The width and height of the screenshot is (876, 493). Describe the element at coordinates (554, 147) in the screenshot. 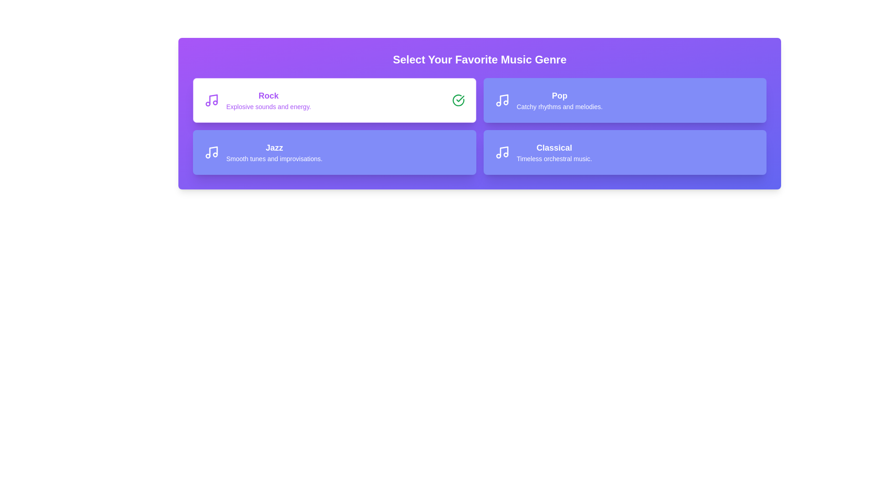

I see `the text label displaying 'Classical' in bold, large white font on a blue background, located in the 'Select Your Favorite Music Genre' section` at that location.